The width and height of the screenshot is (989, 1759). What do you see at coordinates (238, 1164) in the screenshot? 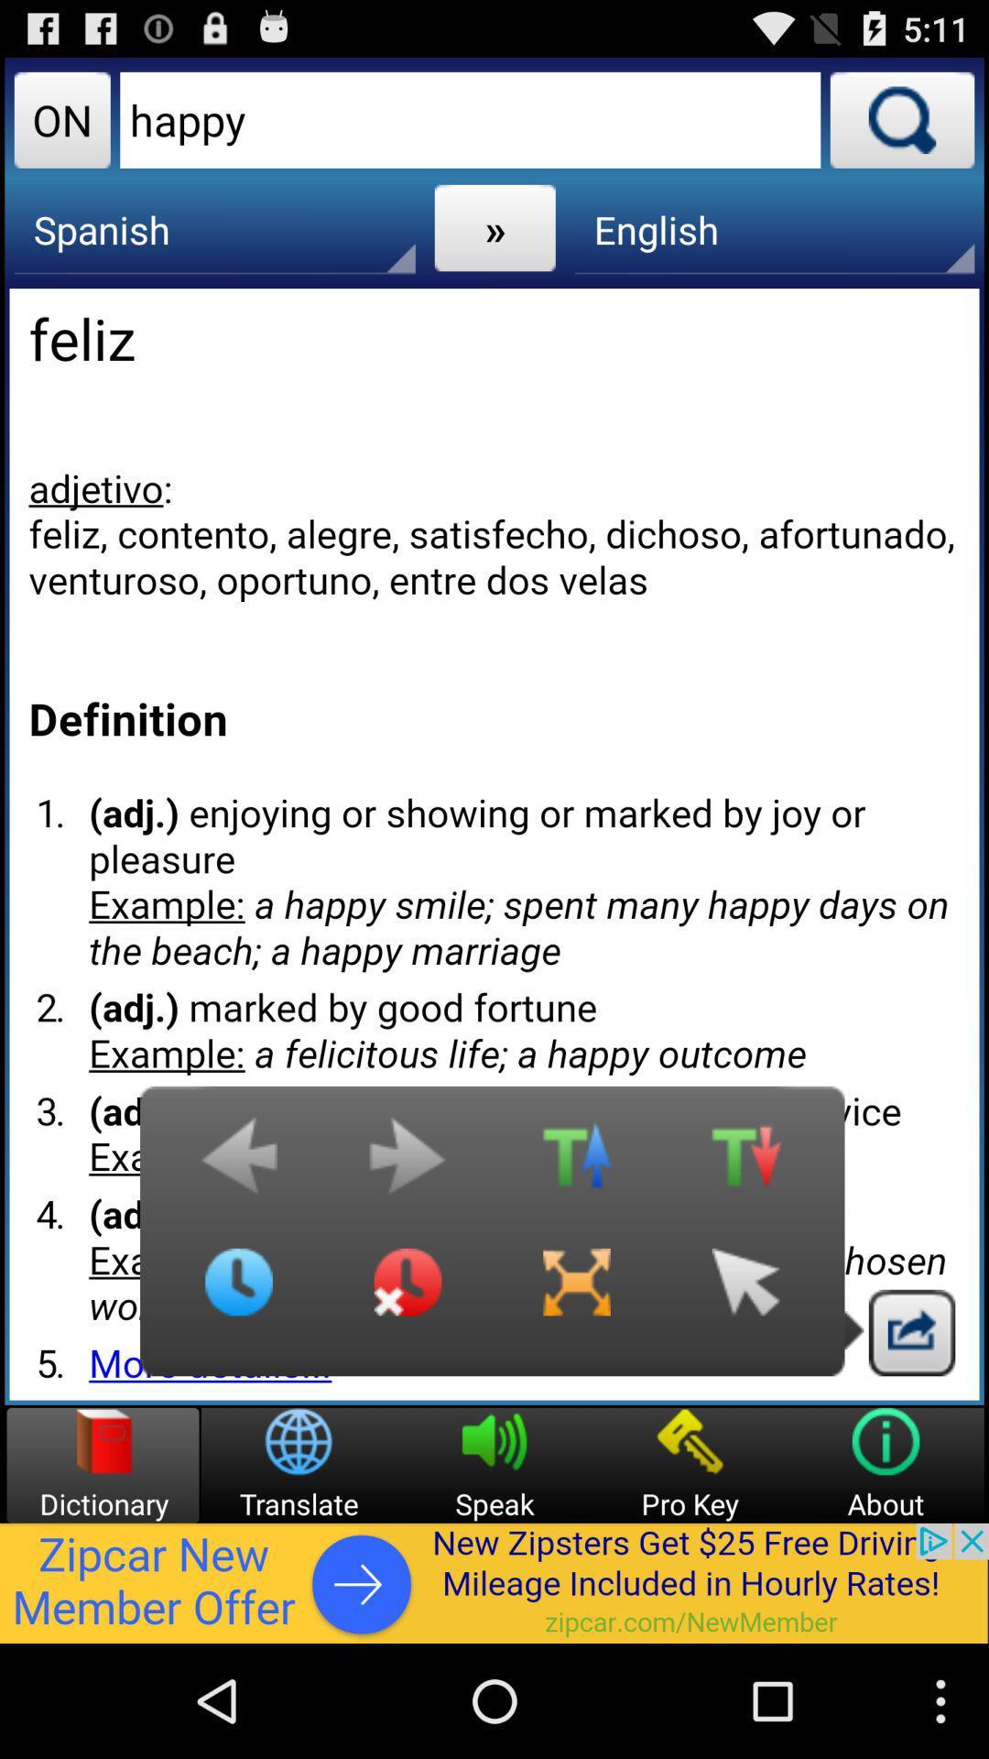
I see `previouse` at bounding box center [238, 1164].